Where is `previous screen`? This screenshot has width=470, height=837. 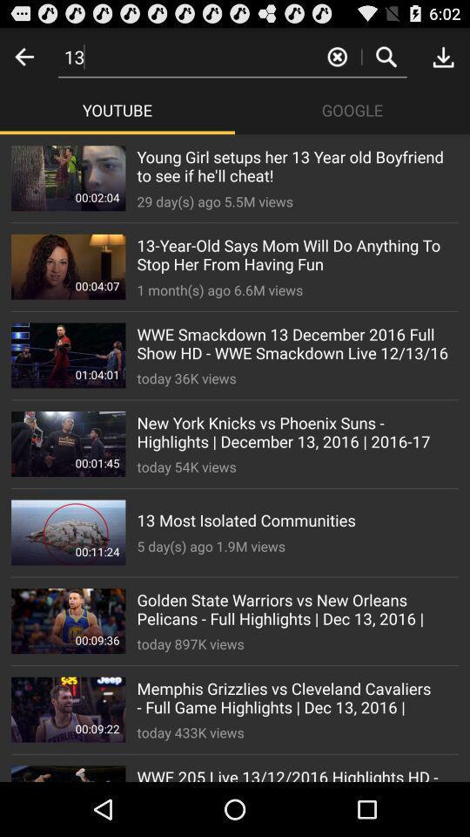
previous screen is located at coordinates (23, 56).